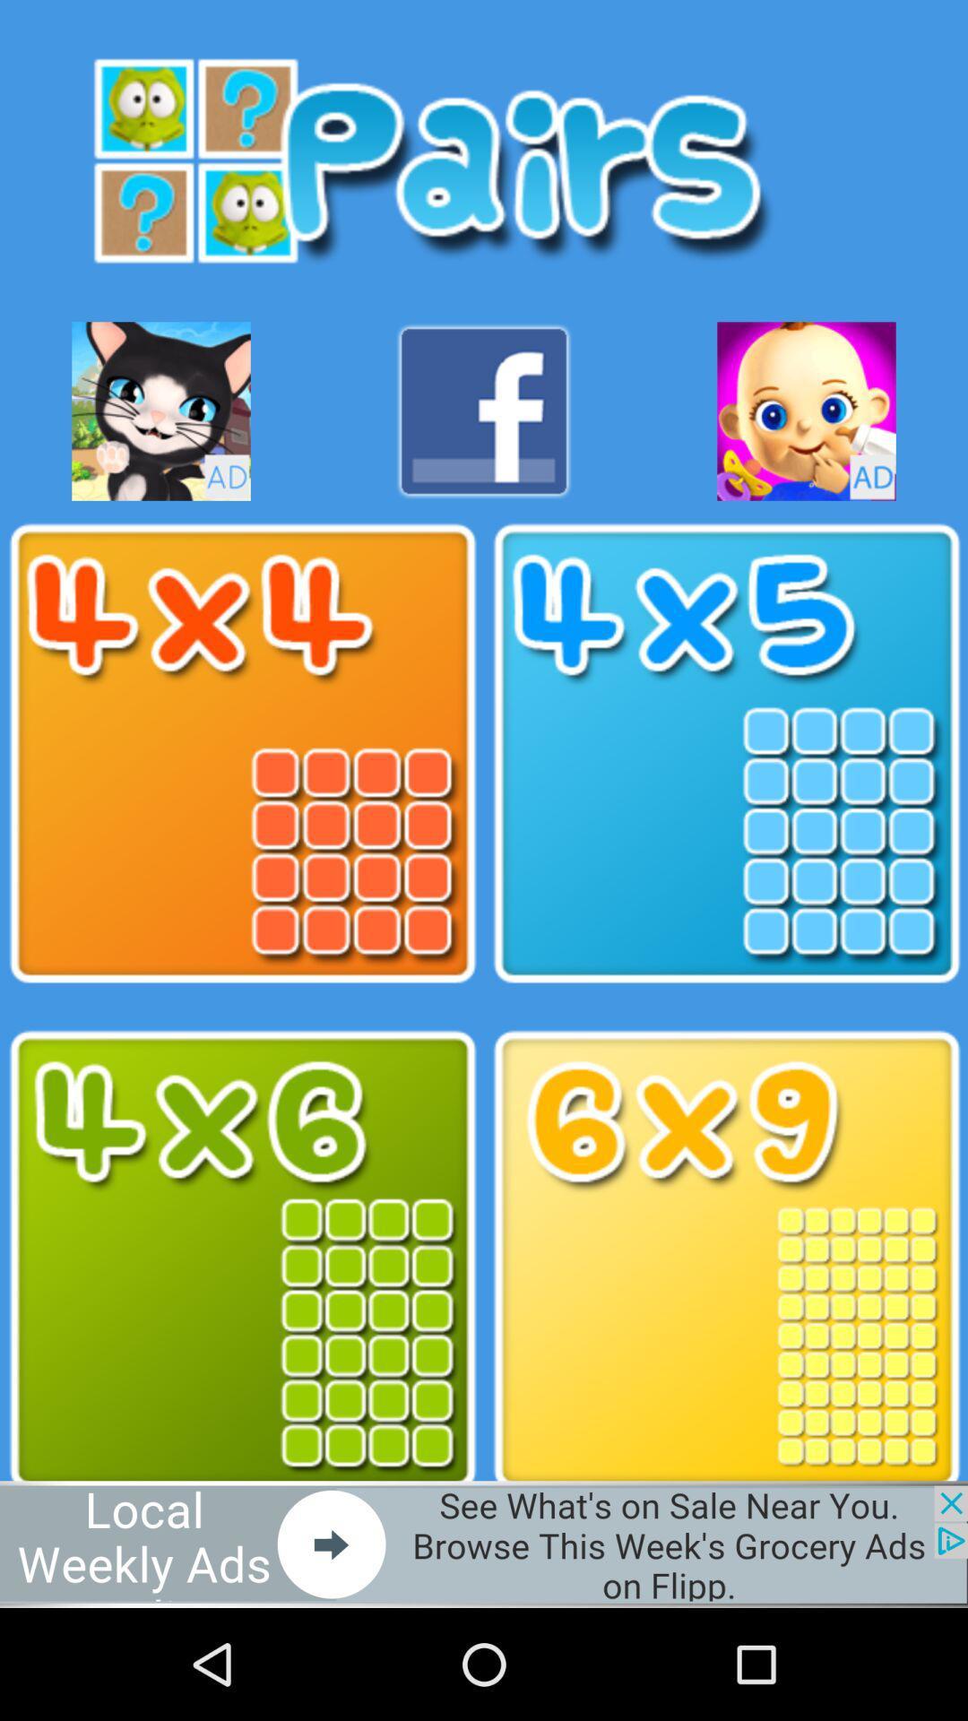 The height and width of the screenshot is (1721, 968). Describe the element at coordinates (484, 411) in the screenshot. I see `facebook page` at that location.